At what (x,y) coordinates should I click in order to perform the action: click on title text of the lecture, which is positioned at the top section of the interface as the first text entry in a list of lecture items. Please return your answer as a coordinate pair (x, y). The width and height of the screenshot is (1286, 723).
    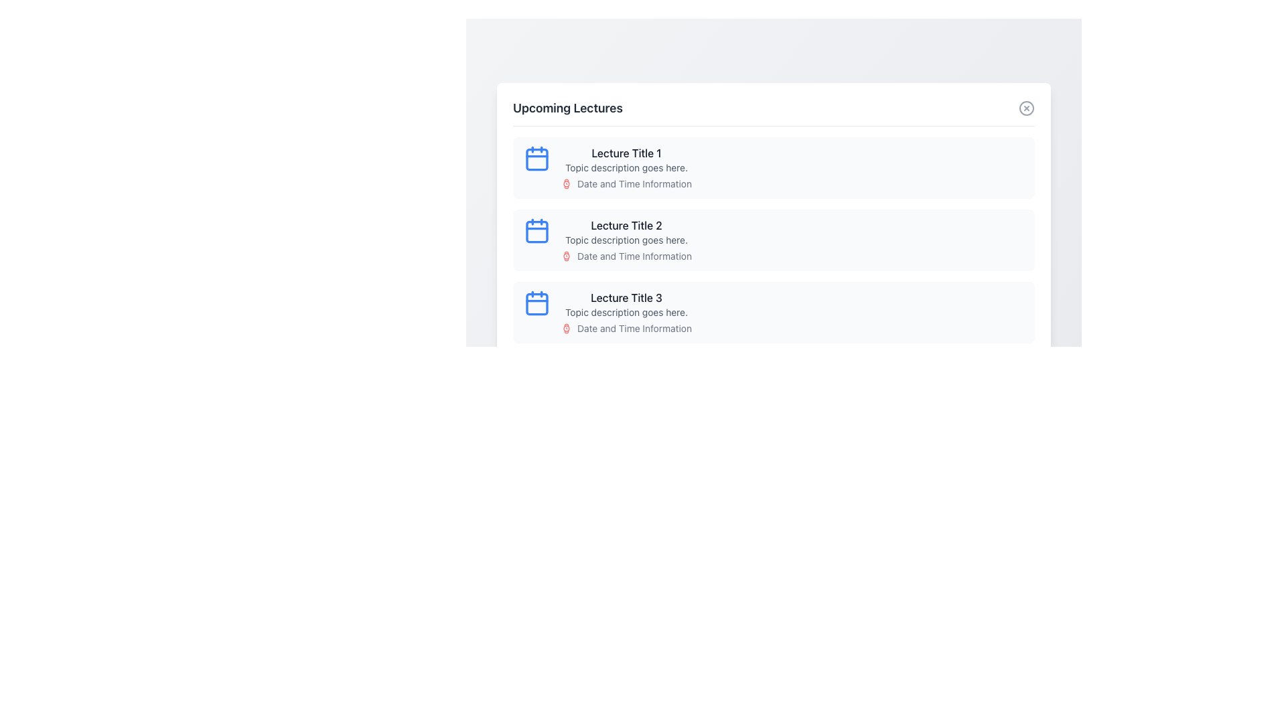
    Looking at the image, I should click on (626, 152).